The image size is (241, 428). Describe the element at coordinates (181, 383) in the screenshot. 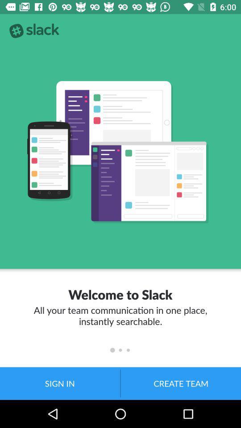

I see `the create team item` at that location.